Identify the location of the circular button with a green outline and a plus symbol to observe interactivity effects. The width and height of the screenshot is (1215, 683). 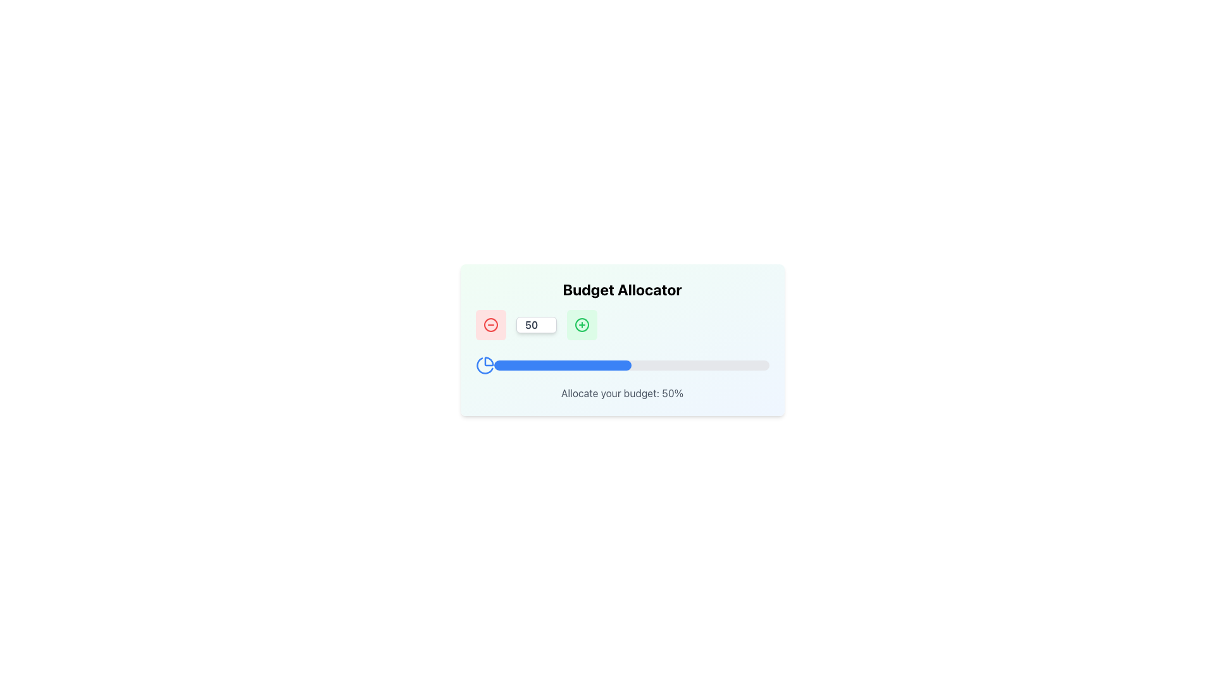
(581, 324).